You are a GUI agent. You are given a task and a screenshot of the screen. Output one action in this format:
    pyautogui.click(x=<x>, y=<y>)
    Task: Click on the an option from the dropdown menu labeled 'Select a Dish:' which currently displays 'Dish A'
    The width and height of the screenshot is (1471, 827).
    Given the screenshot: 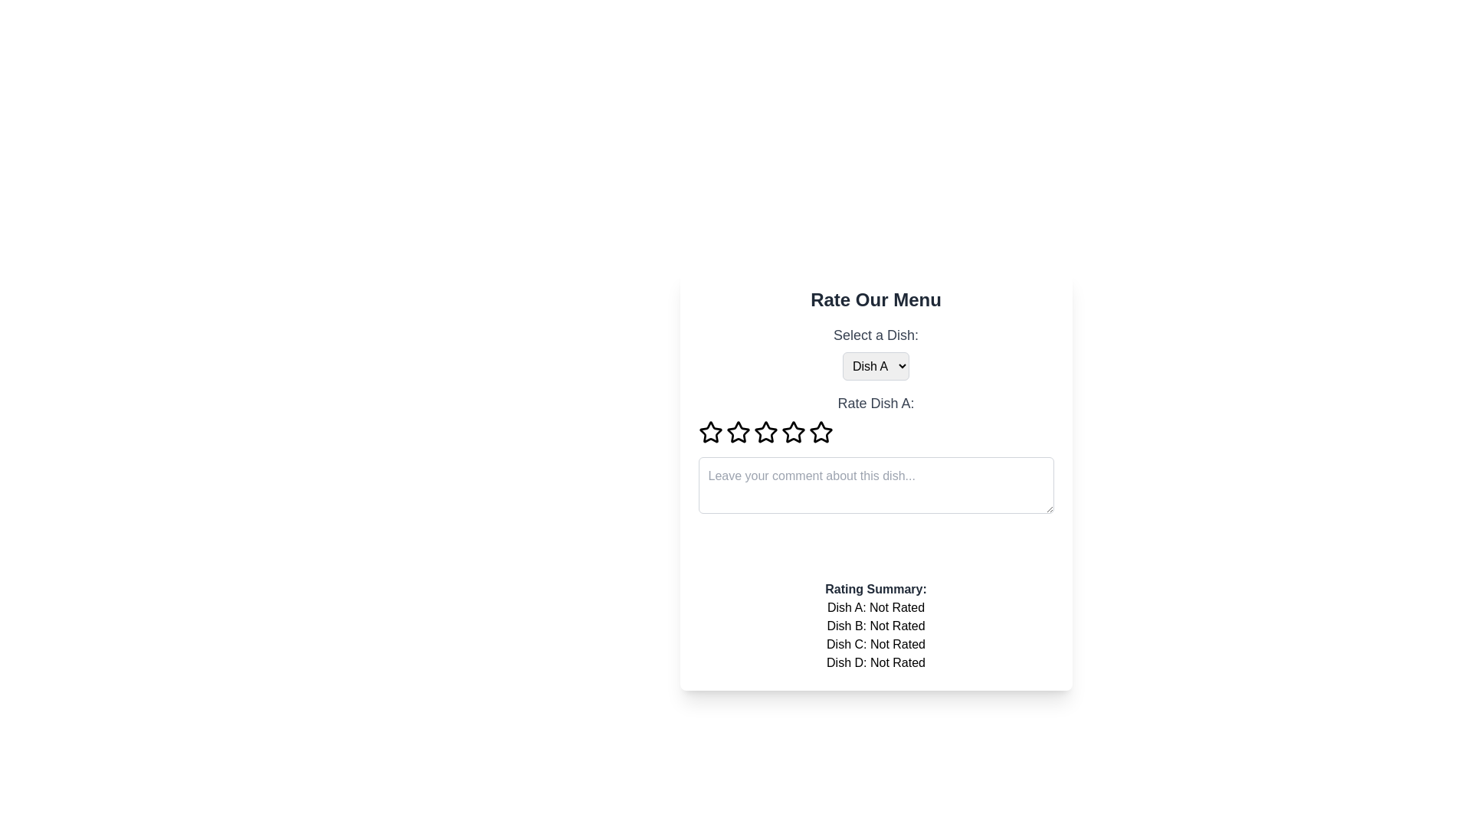 What is the action you would take?
    pyautogui.click(x=876, y=352)
    